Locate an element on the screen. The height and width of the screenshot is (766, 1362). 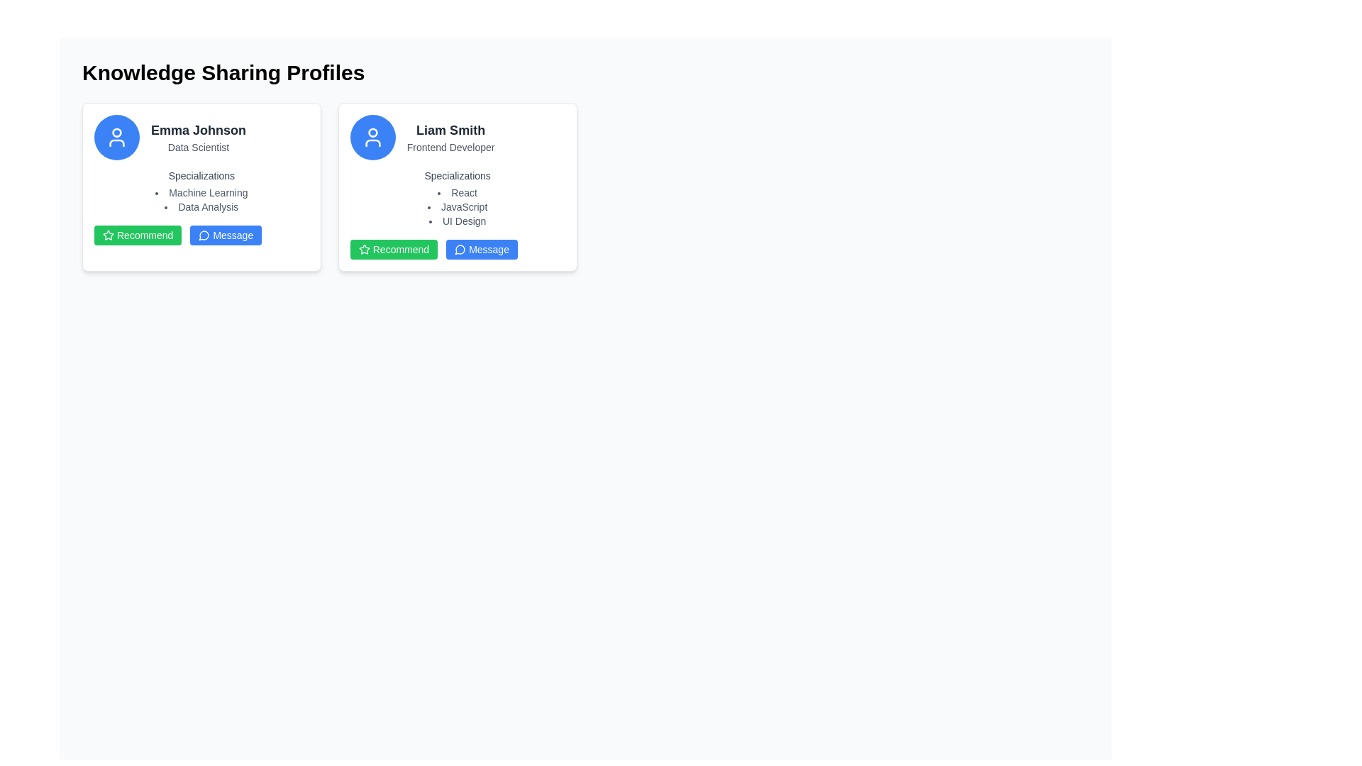
the text label 'Data Analysis' in the bulleted list under 'Machine Learning' within the 'Emma Johnson' card is located at coordinates (201, 207).